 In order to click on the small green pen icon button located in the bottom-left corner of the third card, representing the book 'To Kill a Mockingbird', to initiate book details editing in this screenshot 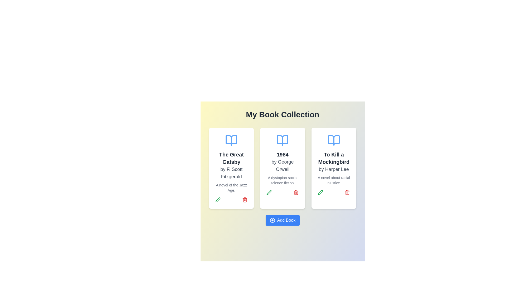, I will do `click(320, 192)`.